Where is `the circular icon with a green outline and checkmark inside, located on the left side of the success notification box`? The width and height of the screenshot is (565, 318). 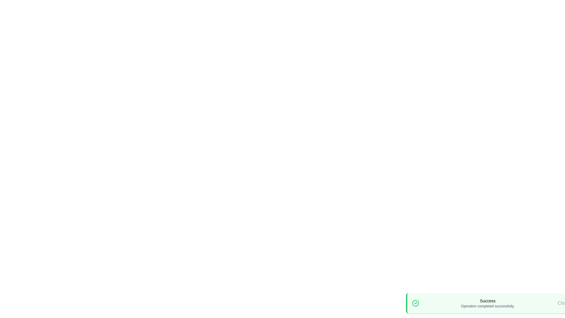 the circular icon with a green outline and checkmark inside, located on the left side of the success notification box is located at coordinates (415, 303).